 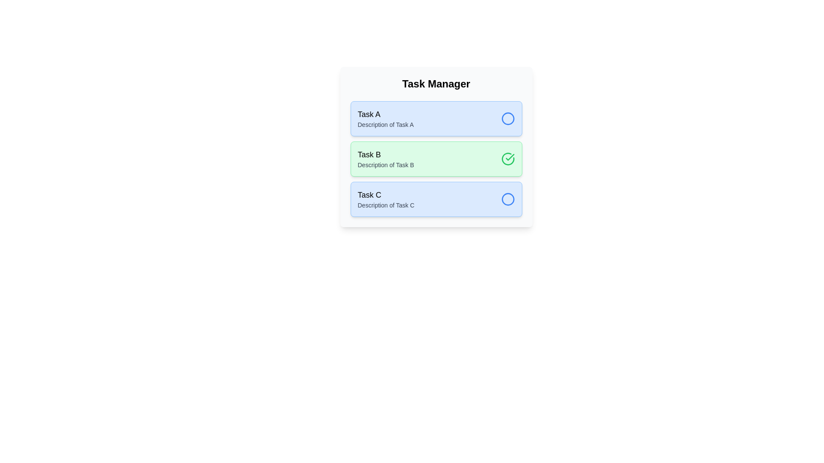 What do you see at coordinates (385, 114) in the screenshot?
I see `the task title label located in the topmost task card of the Task Manager interface for reading` at bounding box center [385, 114].